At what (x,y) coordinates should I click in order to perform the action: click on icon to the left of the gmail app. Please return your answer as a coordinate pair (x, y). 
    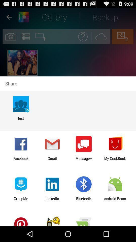
    Looking at the image, I should click on (21, 160).